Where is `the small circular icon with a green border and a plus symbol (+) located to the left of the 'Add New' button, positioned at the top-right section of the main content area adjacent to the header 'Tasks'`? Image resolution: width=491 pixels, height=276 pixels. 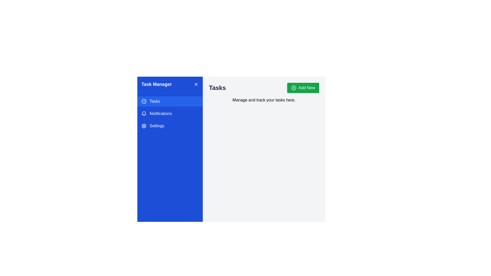 the small circular icon with a green border and a plus symbol (+) located to the left of the 'Add New' button, positioned at the top-right section of the main content area adjacent to the header 'Tasks' is located at coordinates (294, 87).